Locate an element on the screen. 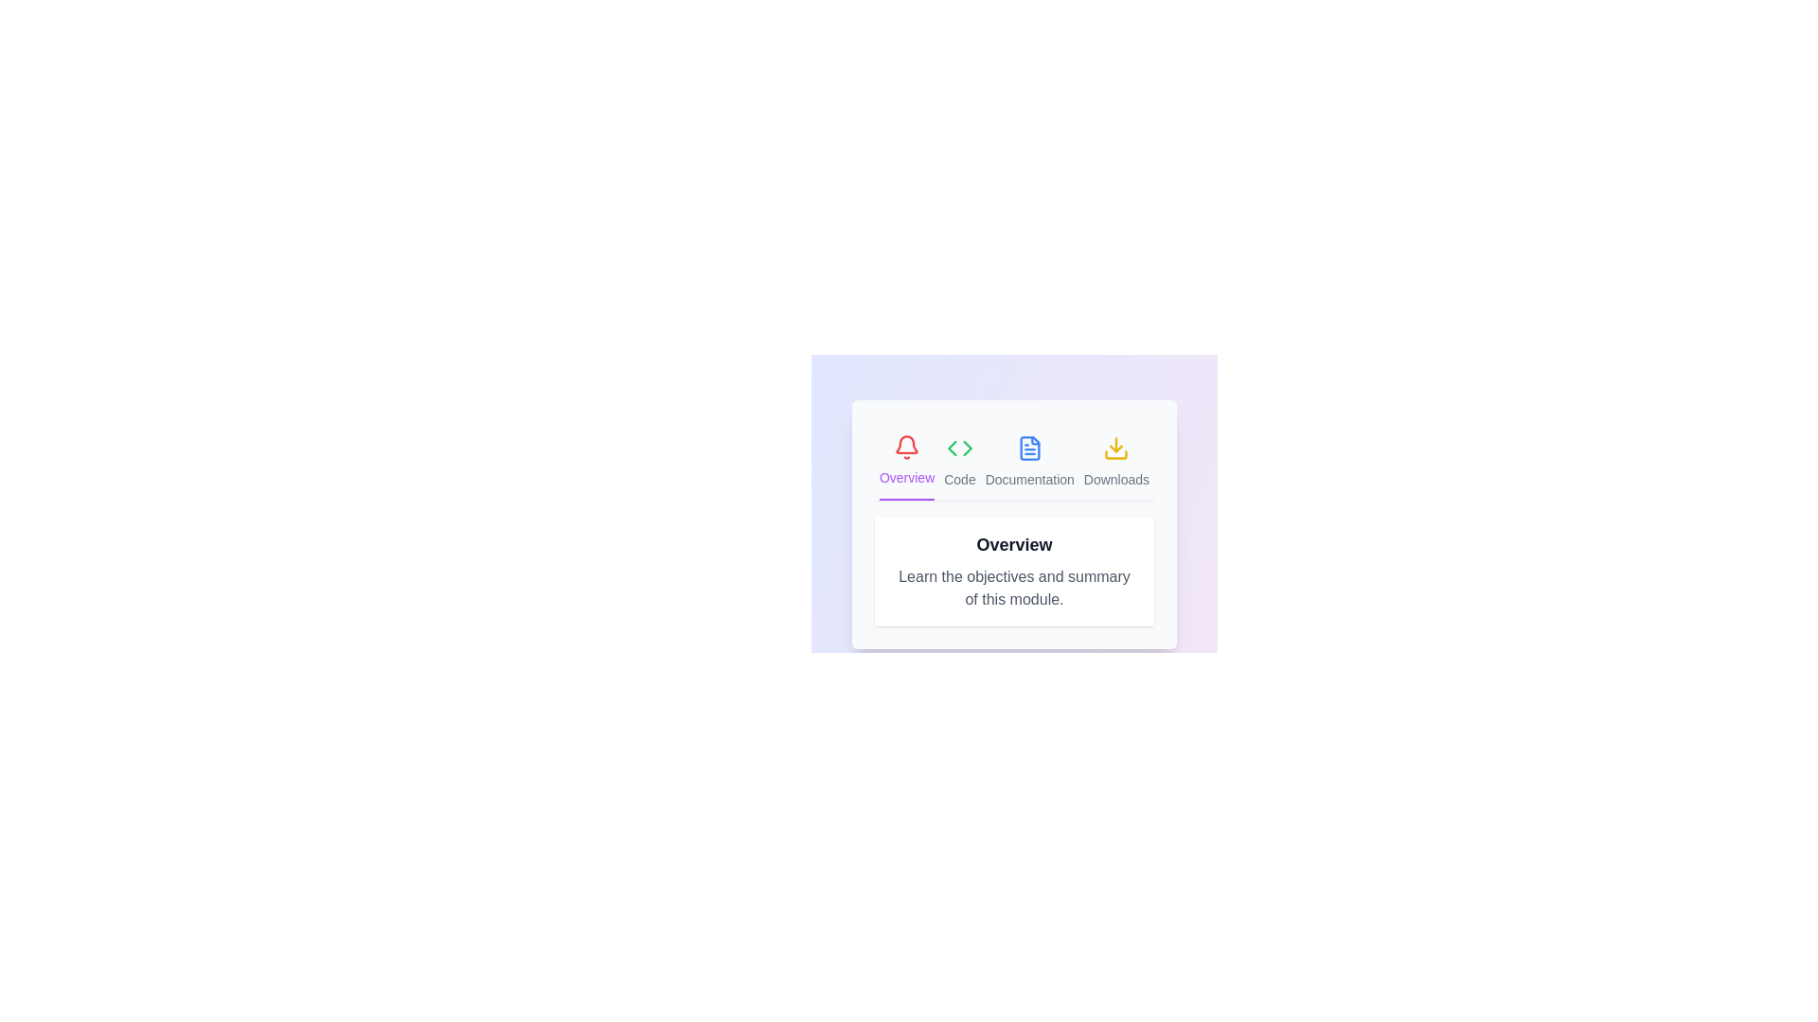  the tab labeled Downloads is located at coordinates (1116, 462).